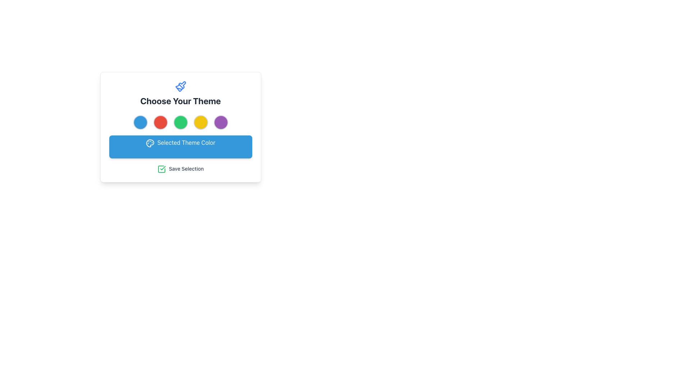 The width and height of the screenshot is (690, 388). I want to click on the red theme selection button, which is the second button from the left in a row of five buttons, located below the 'Choose Your Theme' heading, so click(160, 122).